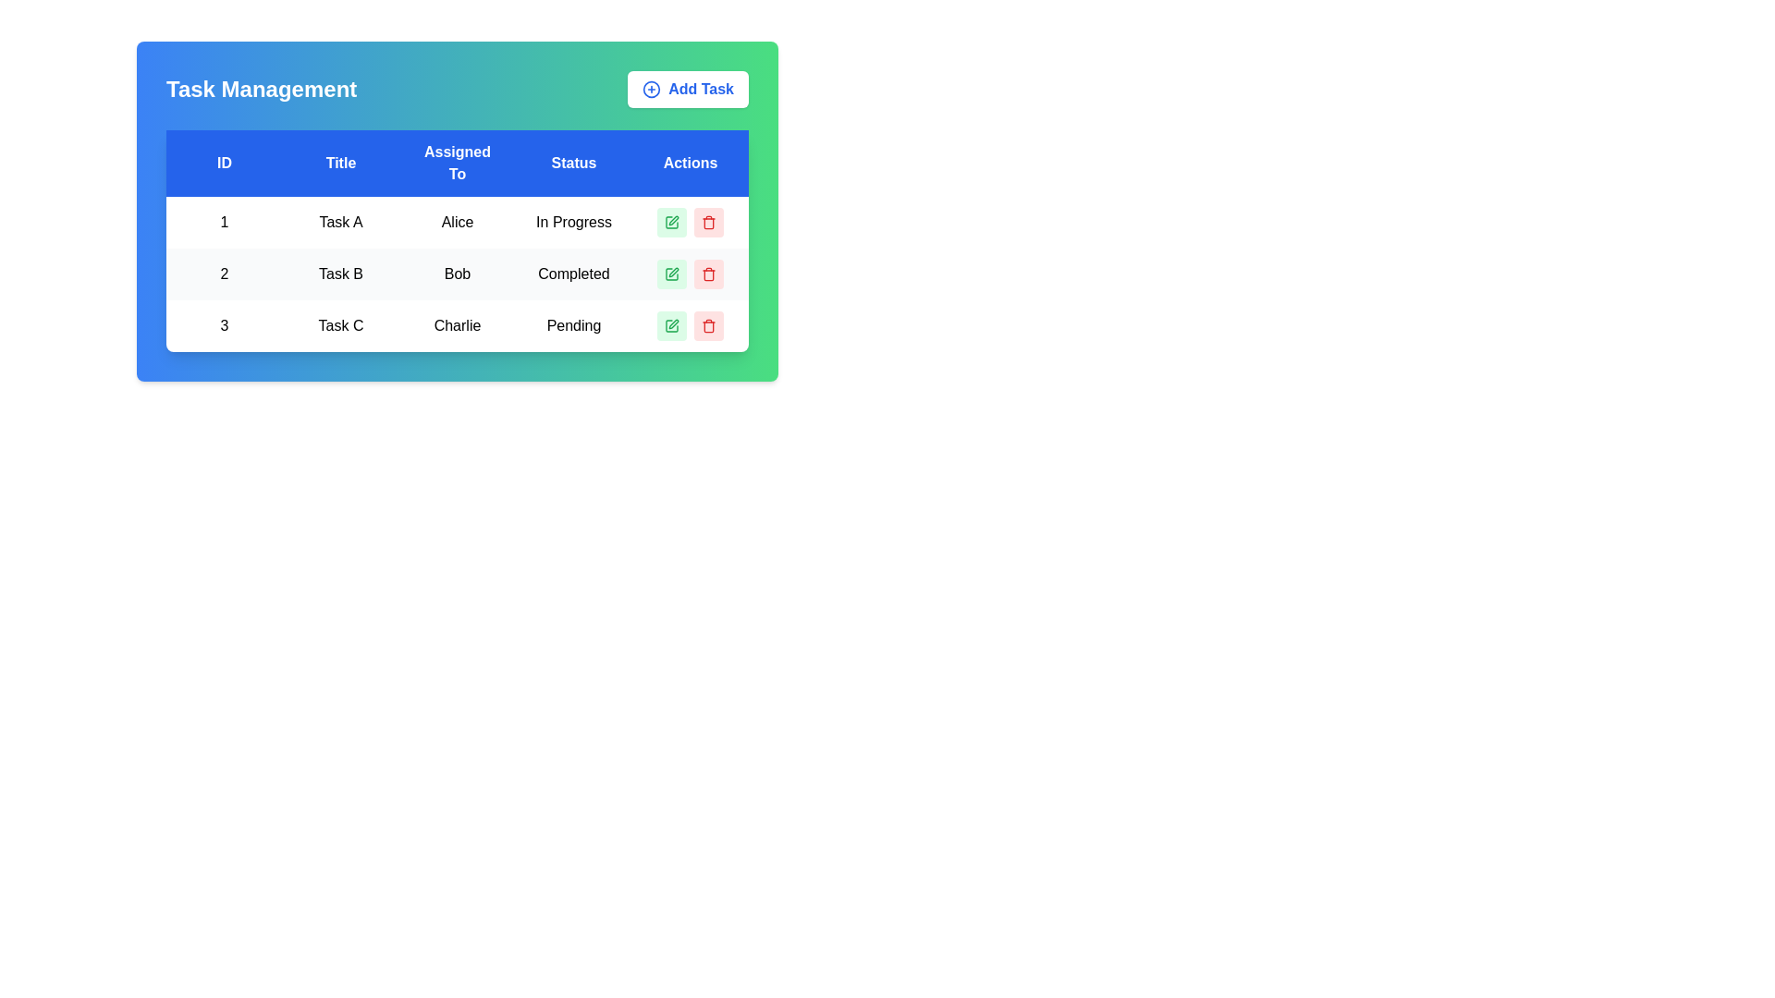 Image resolution: width=1775 pixels, height=998 pixels. I want to click on the edit button (green pen icon) in the 'Actions' column for 'Task C' assigned to 'Charlie' with 'Pending' status to initiate editing, so click(690, 325).